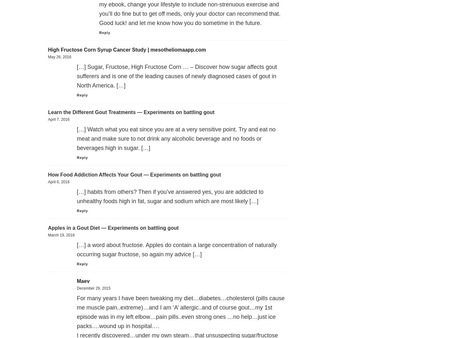 This screenshot has width=461, height=338. Describe the element at coordinates (169, 196) in the screenshot. I see `'[…] habits from others? Then if you’ve answered yes, you are addicted to unhealthy foods high in fat, sugar and sodium which are most likely […]'` at that location.